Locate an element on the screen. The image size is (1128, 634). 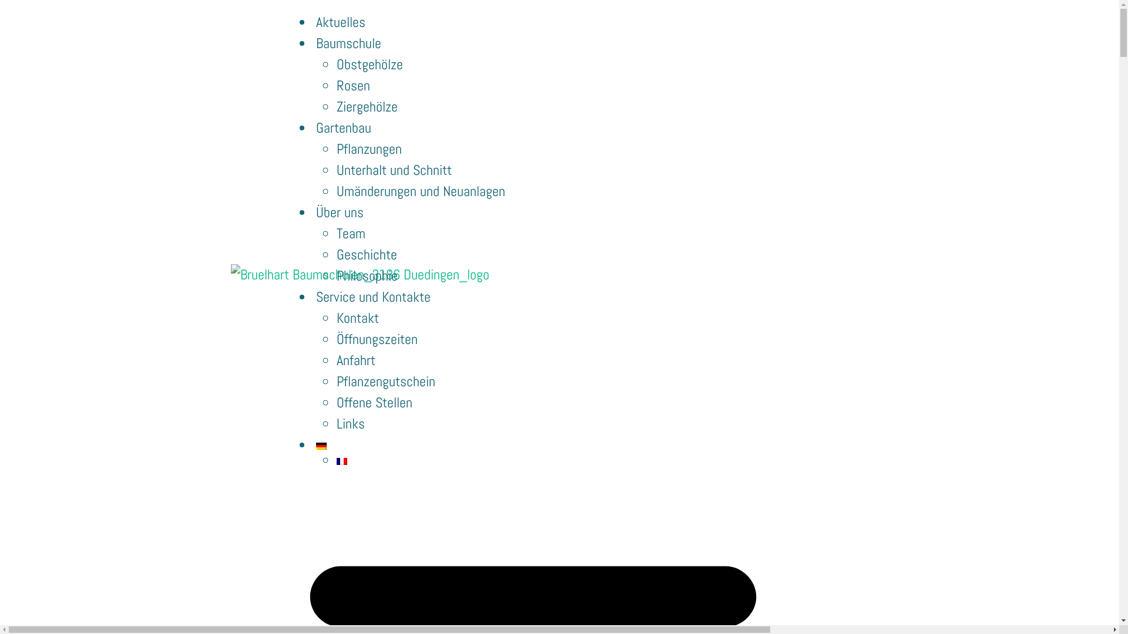
'Pflanzungen' is located at coordinates (368, 148).